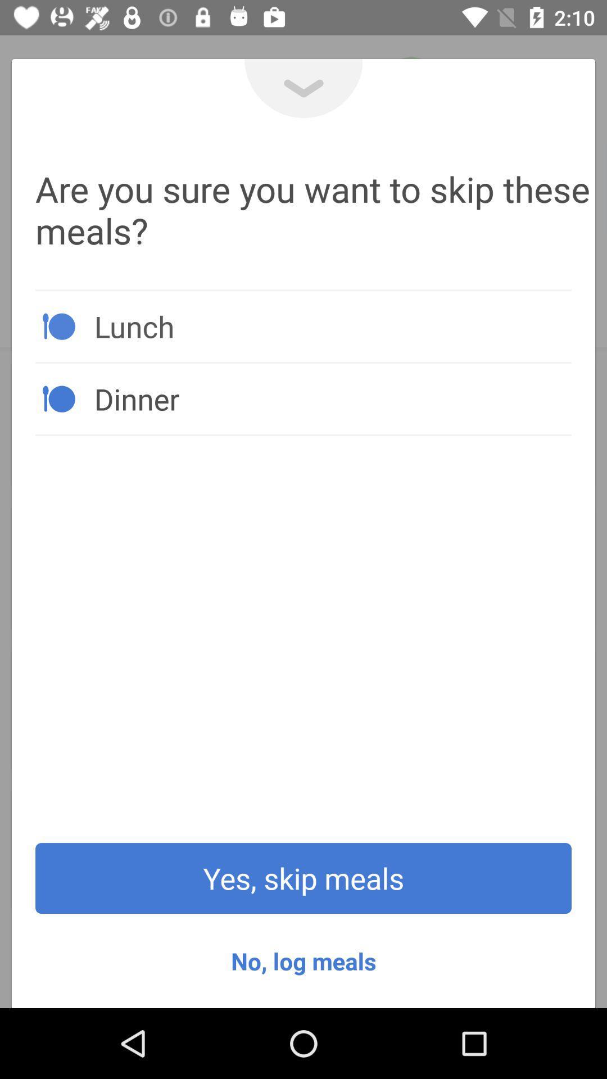 The width and height of the screenshot is (607, 1079). Describe the element at coordinates (303, 88) in the screenshot. I see `the item above the are you sure item` at that location.